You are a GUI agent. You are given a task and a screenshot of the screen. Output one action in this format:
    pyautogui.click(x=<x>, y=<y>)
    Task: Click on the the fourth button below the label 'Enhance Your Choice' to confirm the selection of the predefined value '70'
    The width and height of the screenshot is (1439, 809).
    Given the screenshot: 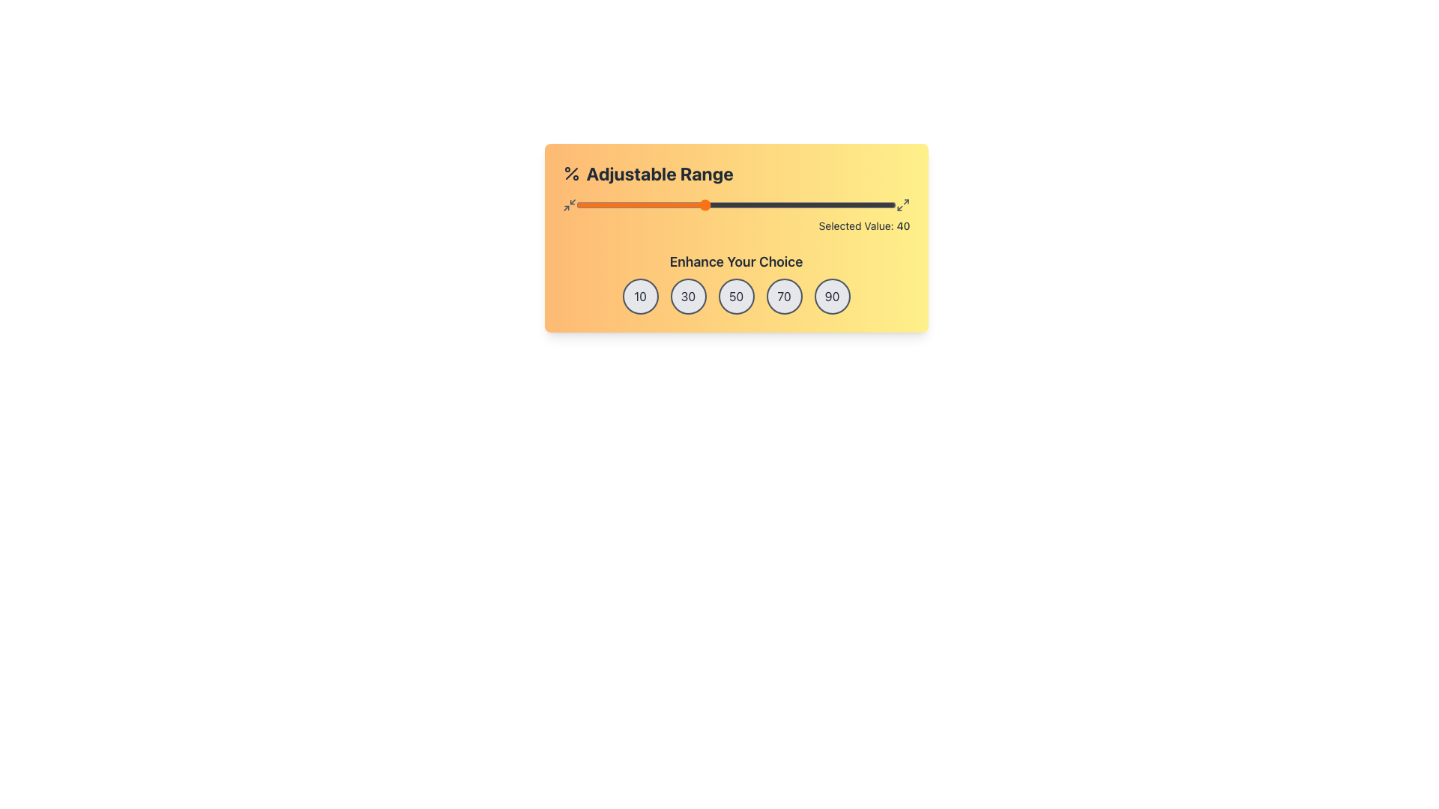 What is the action you would take?
    pyautogui.click(x=783, y=297)
    